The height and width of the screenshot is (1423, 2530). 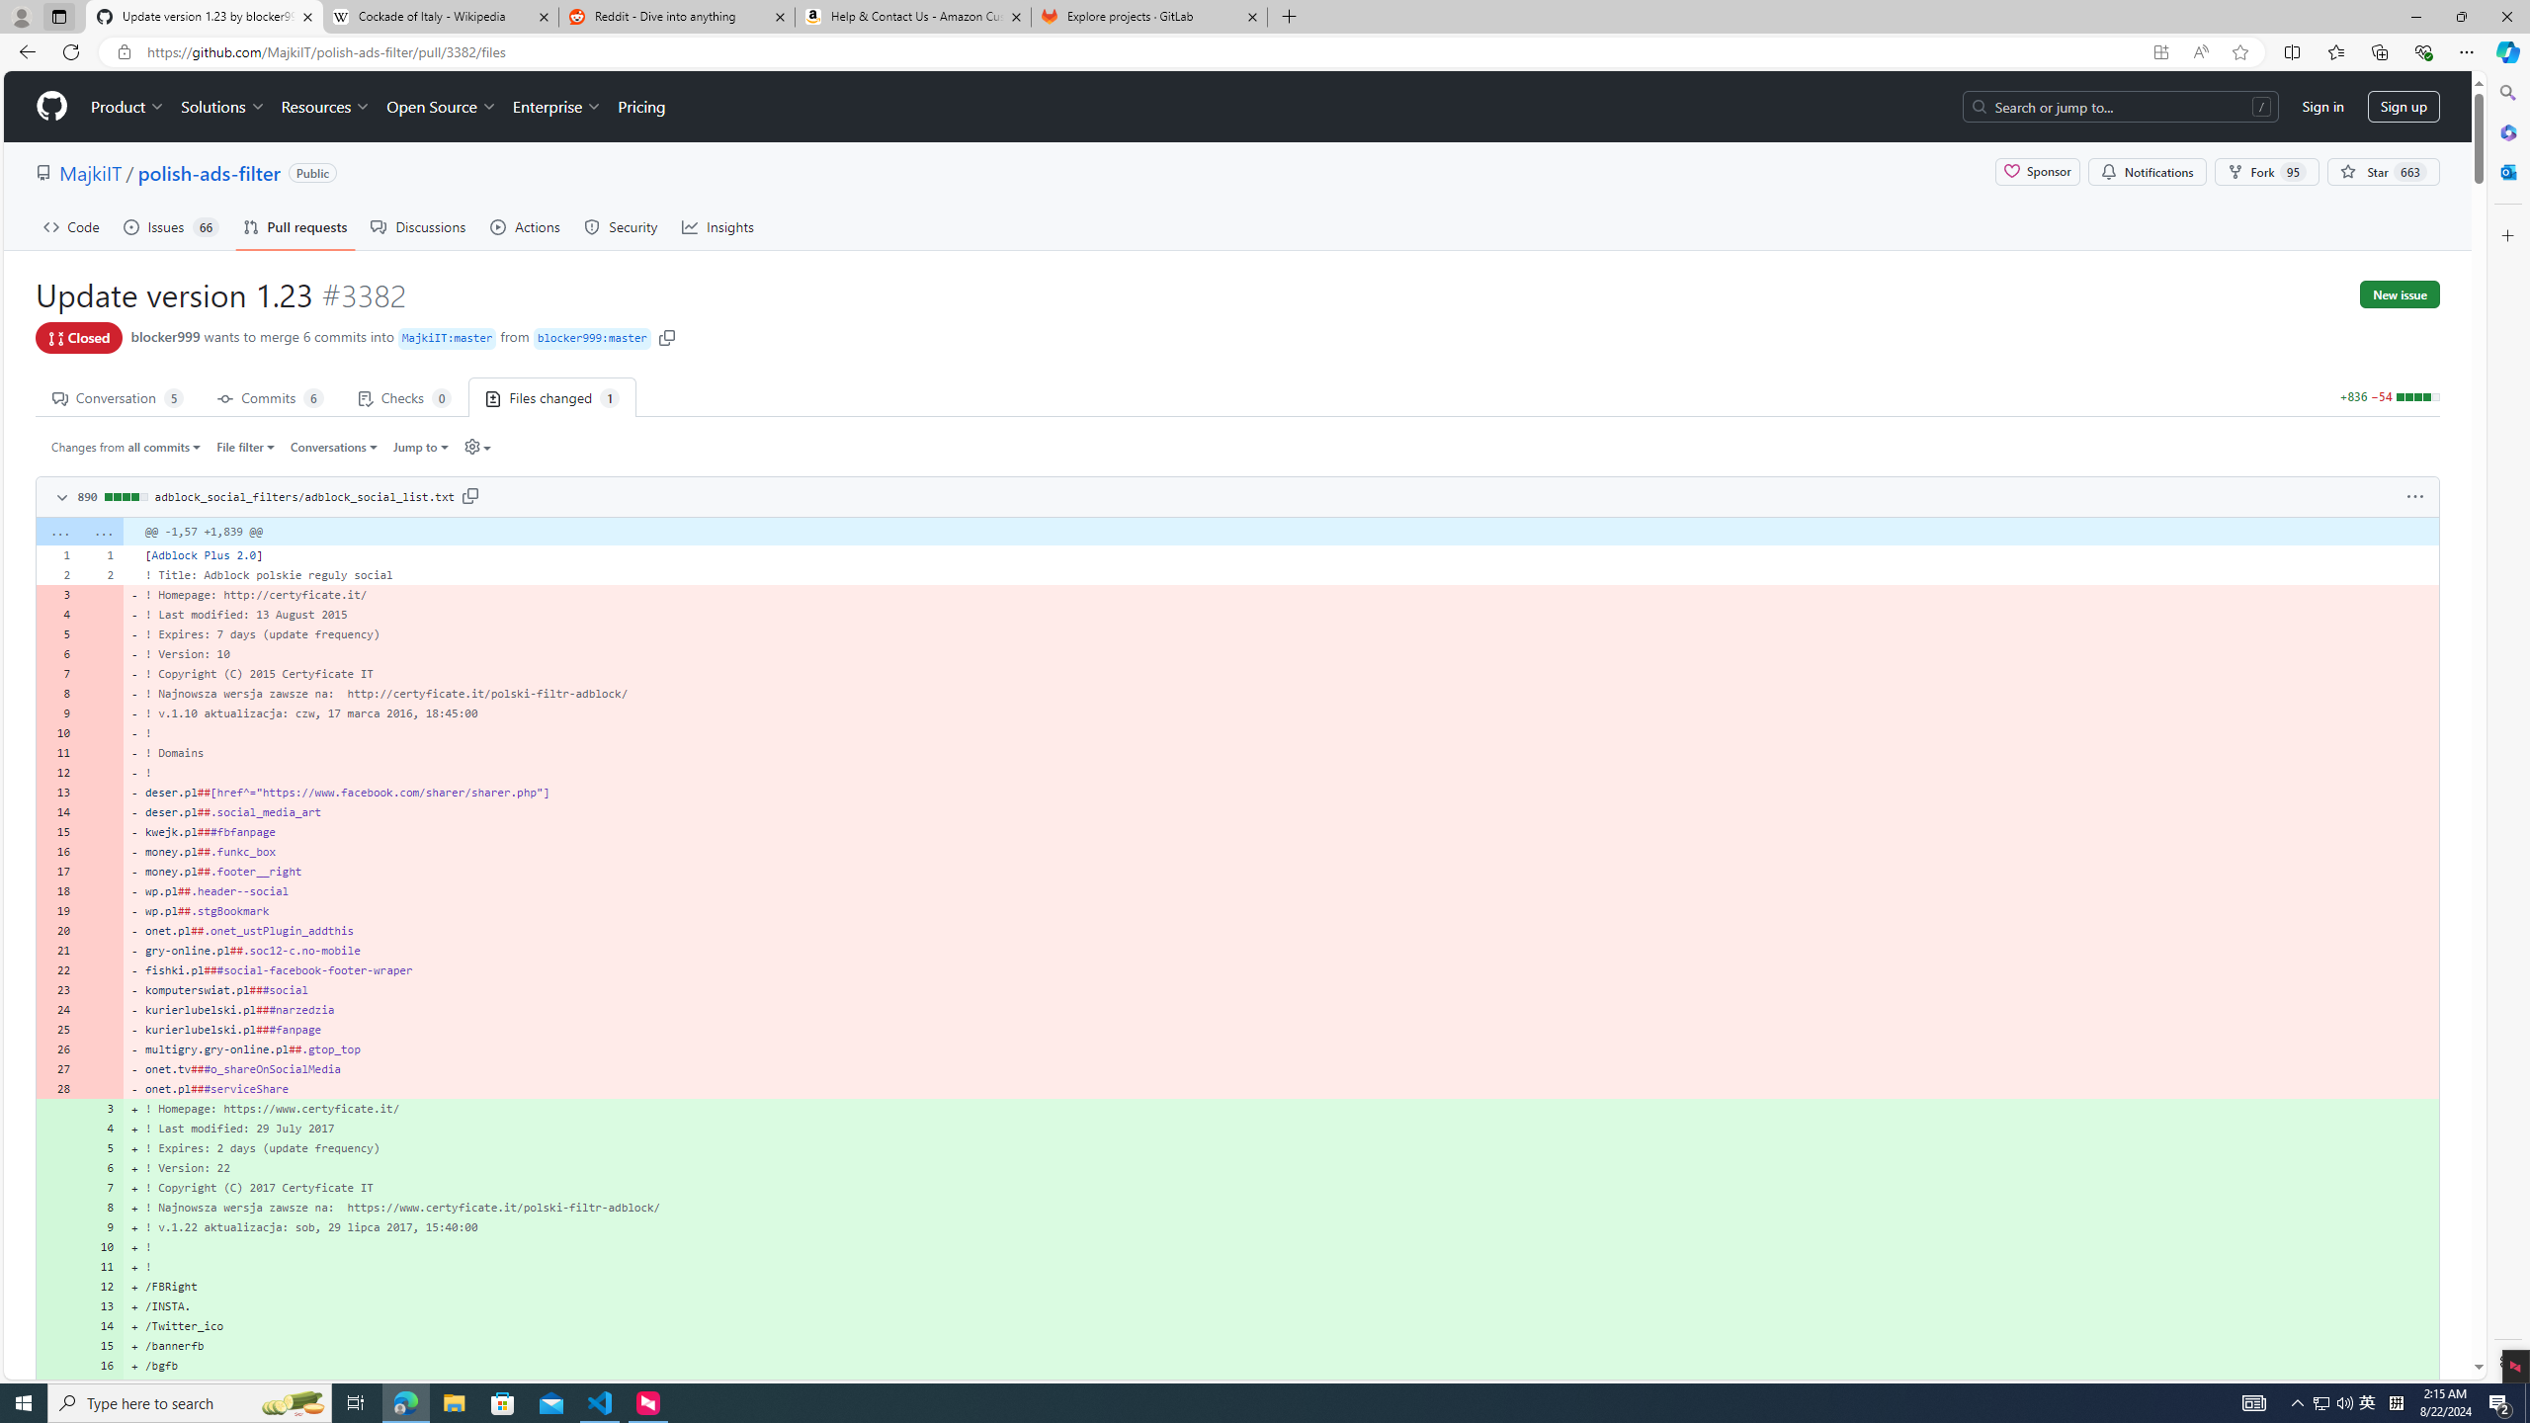 I want to click on '10', so click(x=101, y=1245).